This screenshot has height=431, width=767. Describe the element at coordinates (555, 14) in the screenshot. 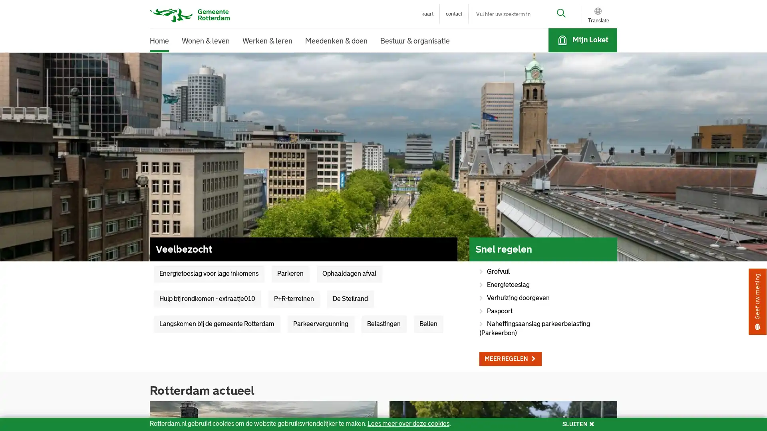

I see `Zoek` at that location.